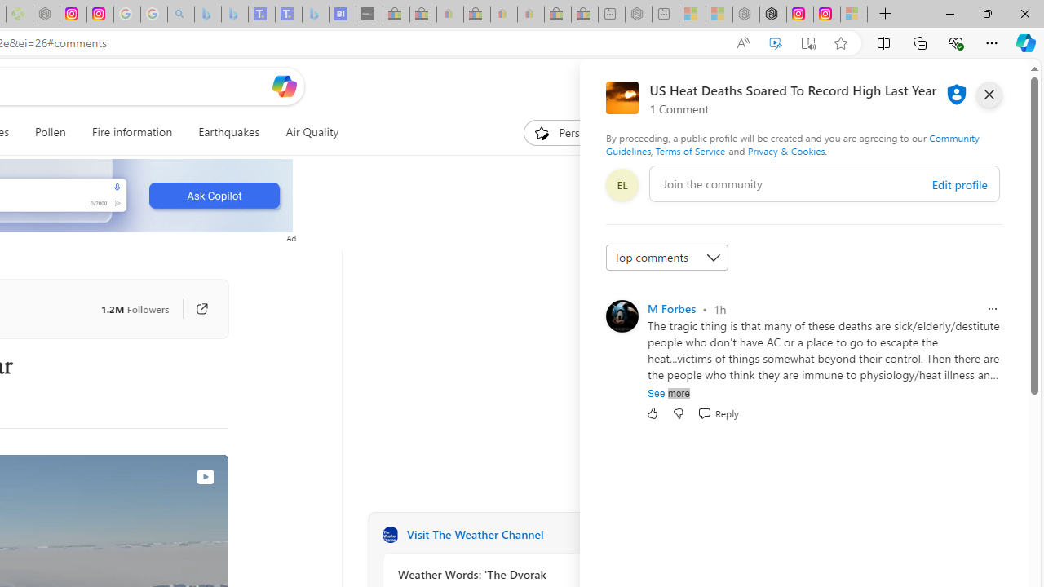 This screenshot has width=1044, height=587. What do you see at coordinates (181, 14) in the screenshot?
I see `'alabama high school quarterback dies - Search - Sleeping'` at bounding box center [181, 14].